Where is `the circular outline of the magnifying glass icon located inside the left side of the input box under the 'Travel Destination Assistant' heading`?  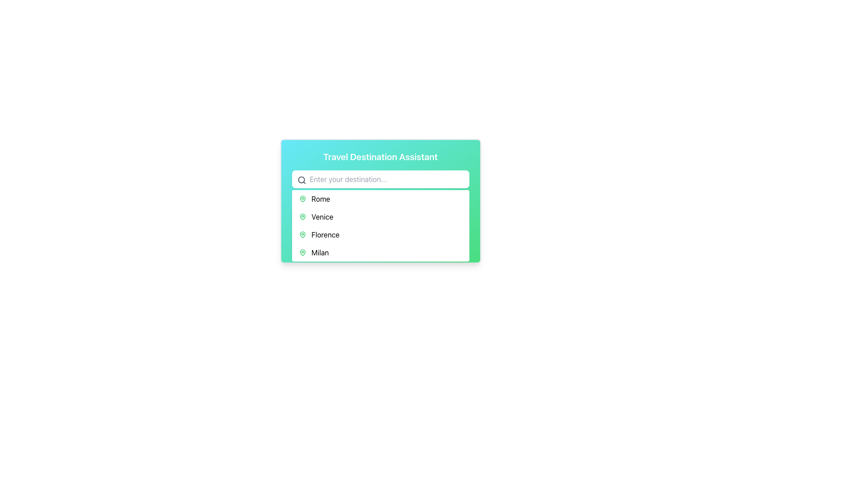 the circular outline of the magnifying glass icon located inside the left side of the input box under the 'Travel Destination Assistant' heading is located at coordinates (301, 180).